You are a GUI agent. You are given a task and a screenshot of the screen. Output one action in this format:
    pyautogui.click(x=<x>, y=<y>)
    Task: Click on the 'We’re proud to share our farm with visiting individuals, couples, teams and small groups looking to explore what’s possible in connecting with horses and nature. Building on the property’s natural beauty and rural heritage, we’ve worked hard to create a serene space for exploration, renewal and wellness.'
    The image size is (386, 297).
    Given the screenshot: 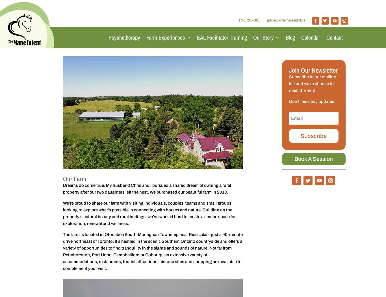 What is the action you would take?
    pyautogui.click(x=149, y=213)
    